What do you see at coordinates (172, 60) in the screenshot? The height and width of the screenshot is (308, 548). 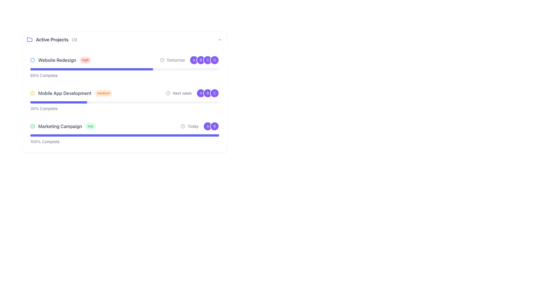 I see `the Text label with an icon indicating the deadline for the 'Website Redesign' project, which is located between the status 'high' and a group of icons labeled 'A', 'B', 'C', and 'D'` at bounding box center [172, 60].